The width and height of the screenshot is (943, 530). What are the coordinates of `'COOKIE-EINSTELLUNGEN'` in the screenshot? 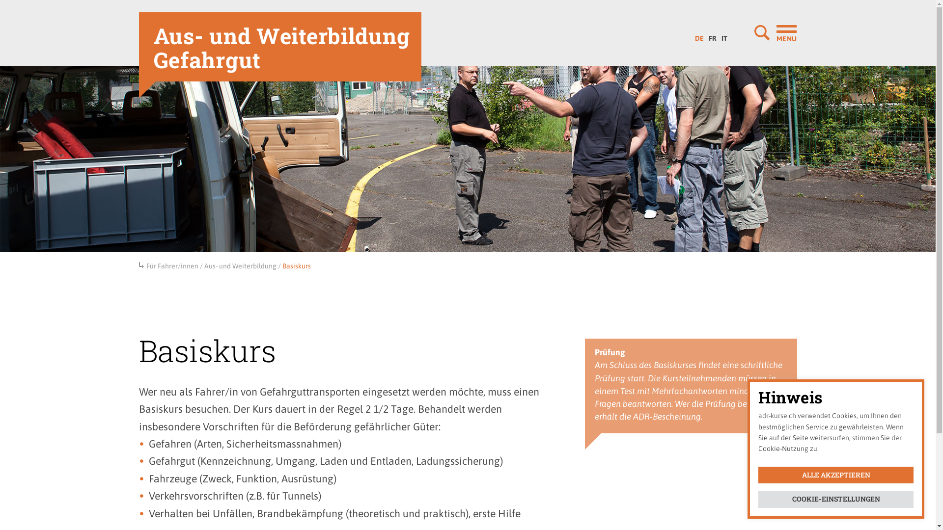 It's located at (758, 499).